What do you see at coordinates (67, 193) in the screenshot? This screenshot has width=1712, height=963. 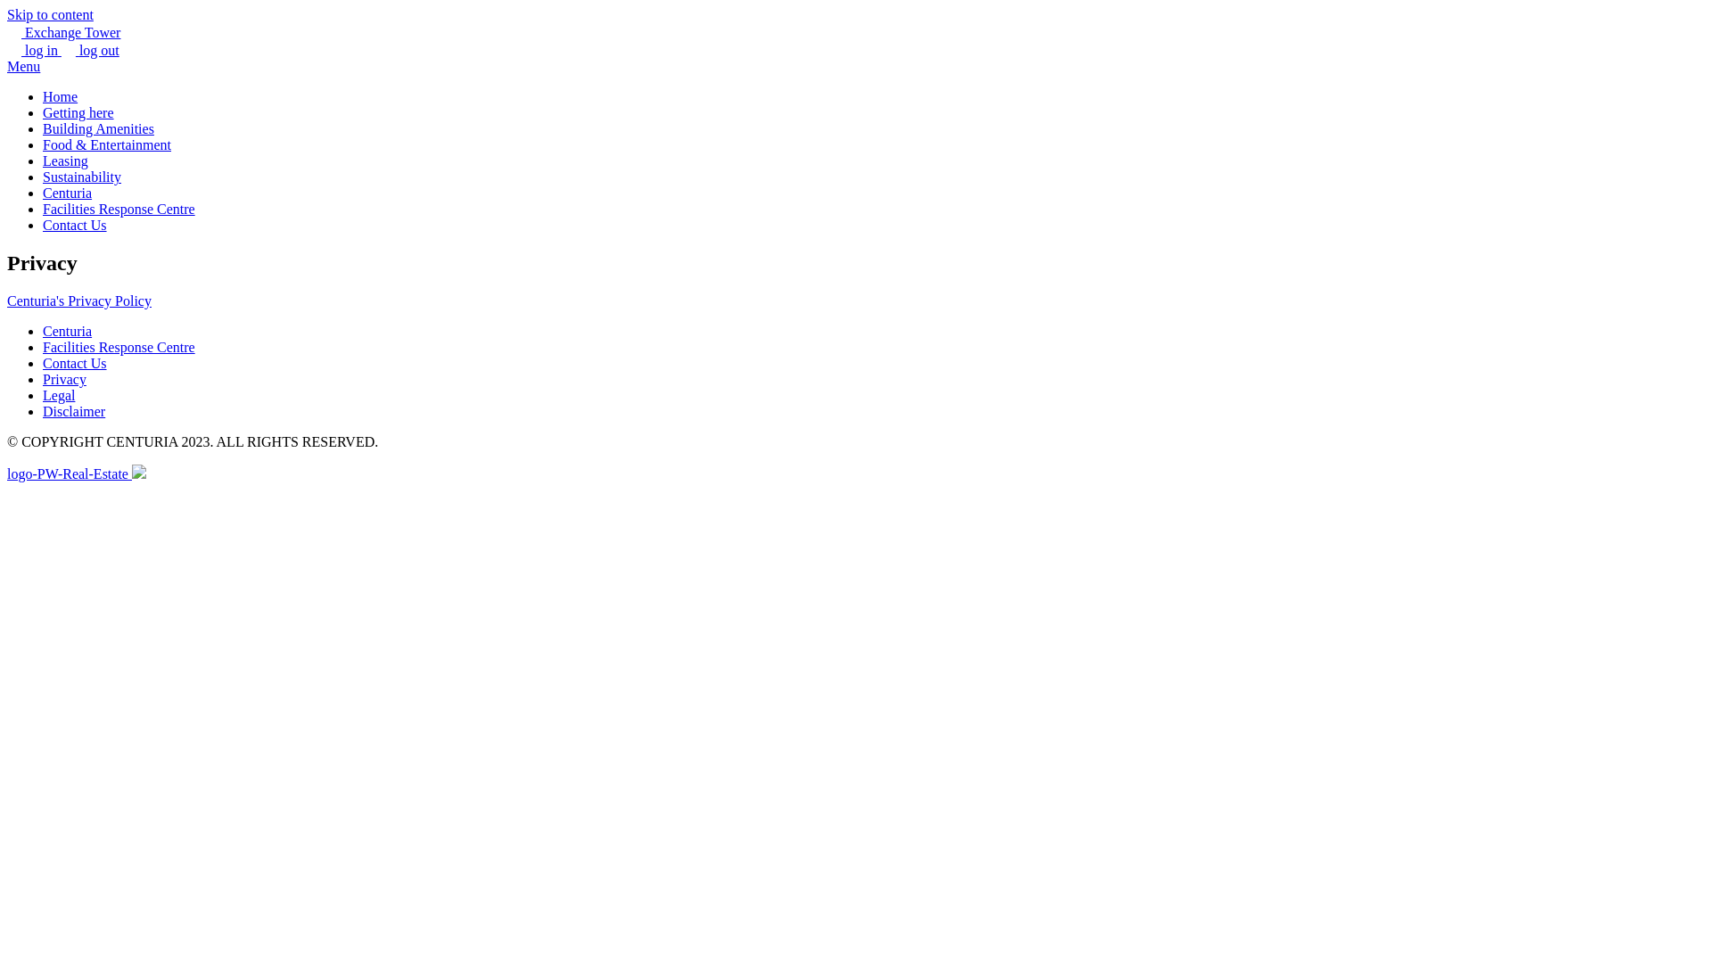 I see `'Centuria'` at bounding box center [67, 193].